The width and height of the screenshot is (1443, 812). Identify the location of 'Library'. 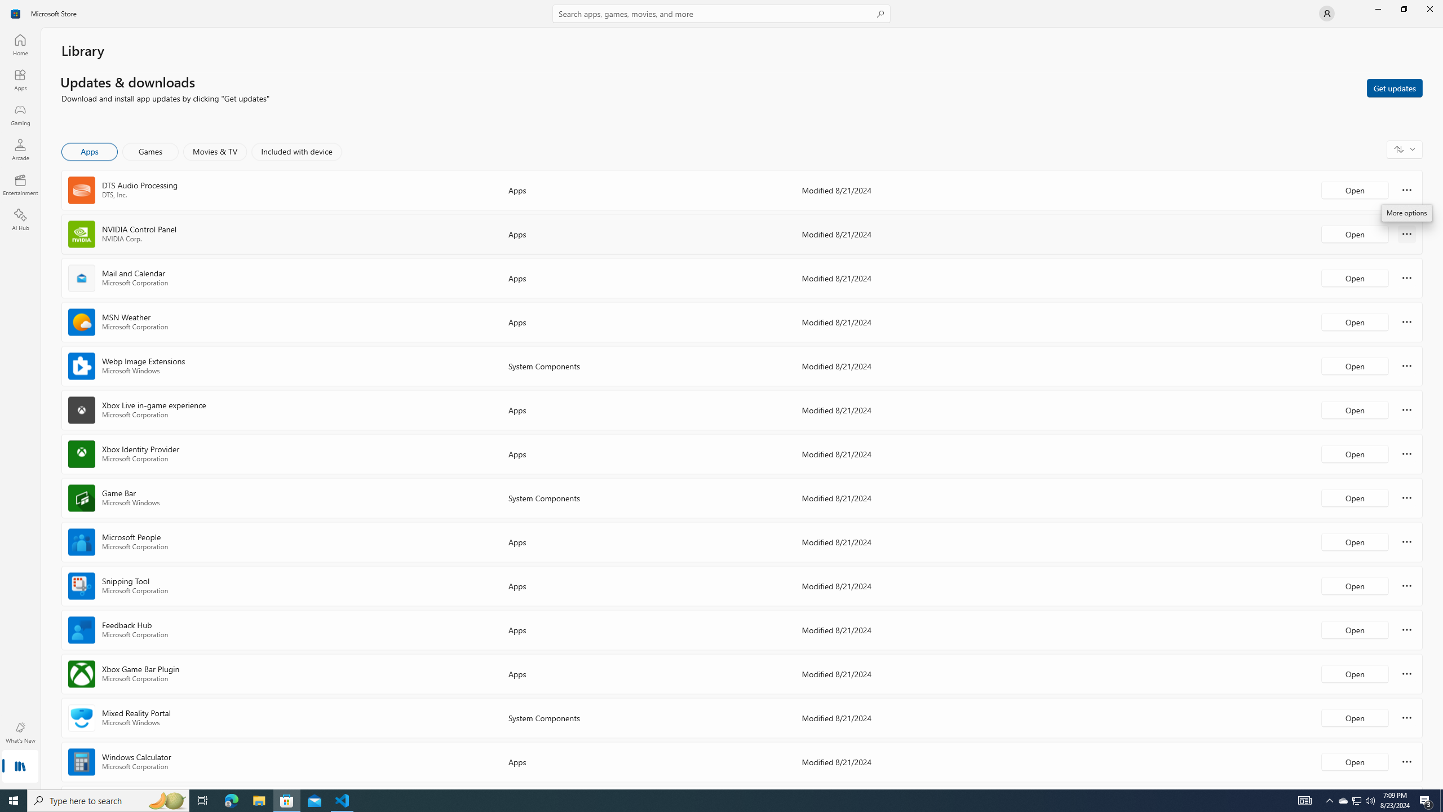
(19, 767).